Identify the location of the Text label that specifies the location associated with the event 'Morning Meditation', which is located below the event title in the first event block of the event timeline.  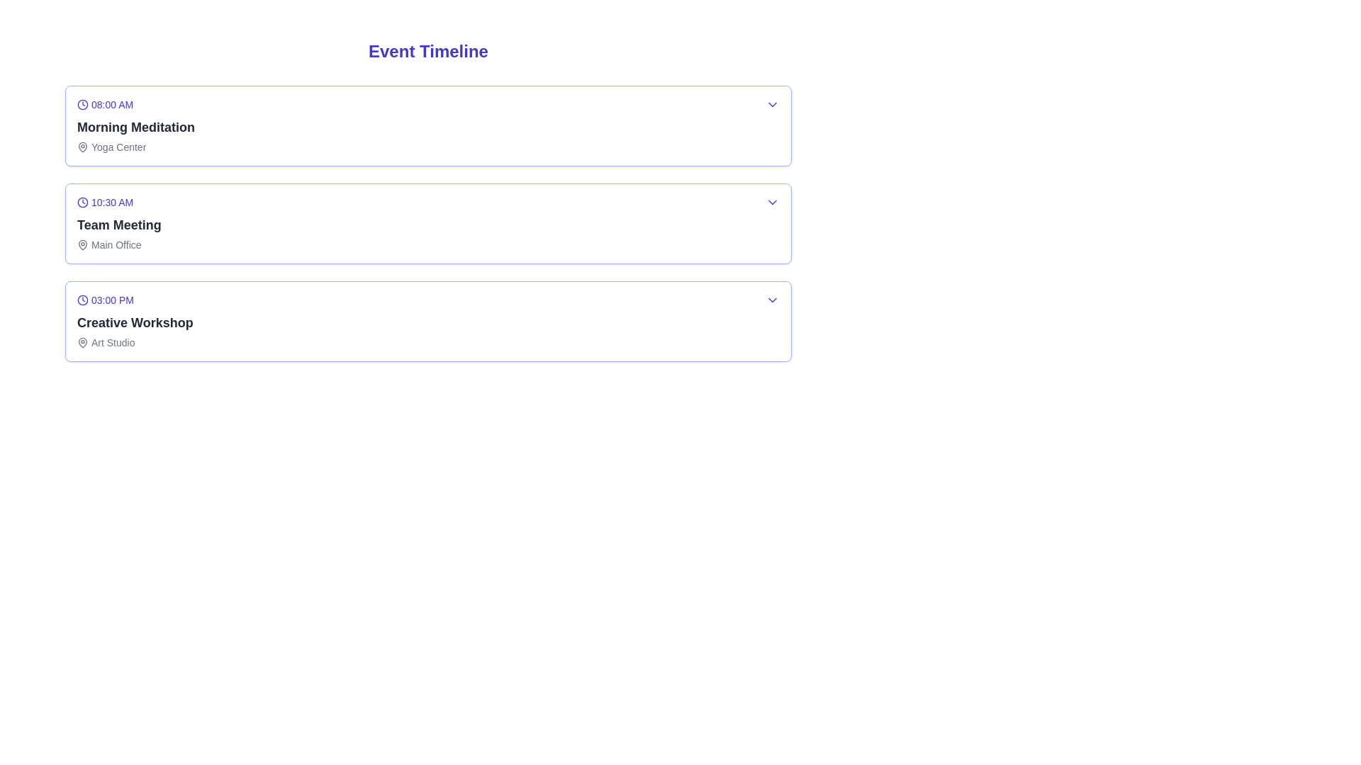
(136, 147).